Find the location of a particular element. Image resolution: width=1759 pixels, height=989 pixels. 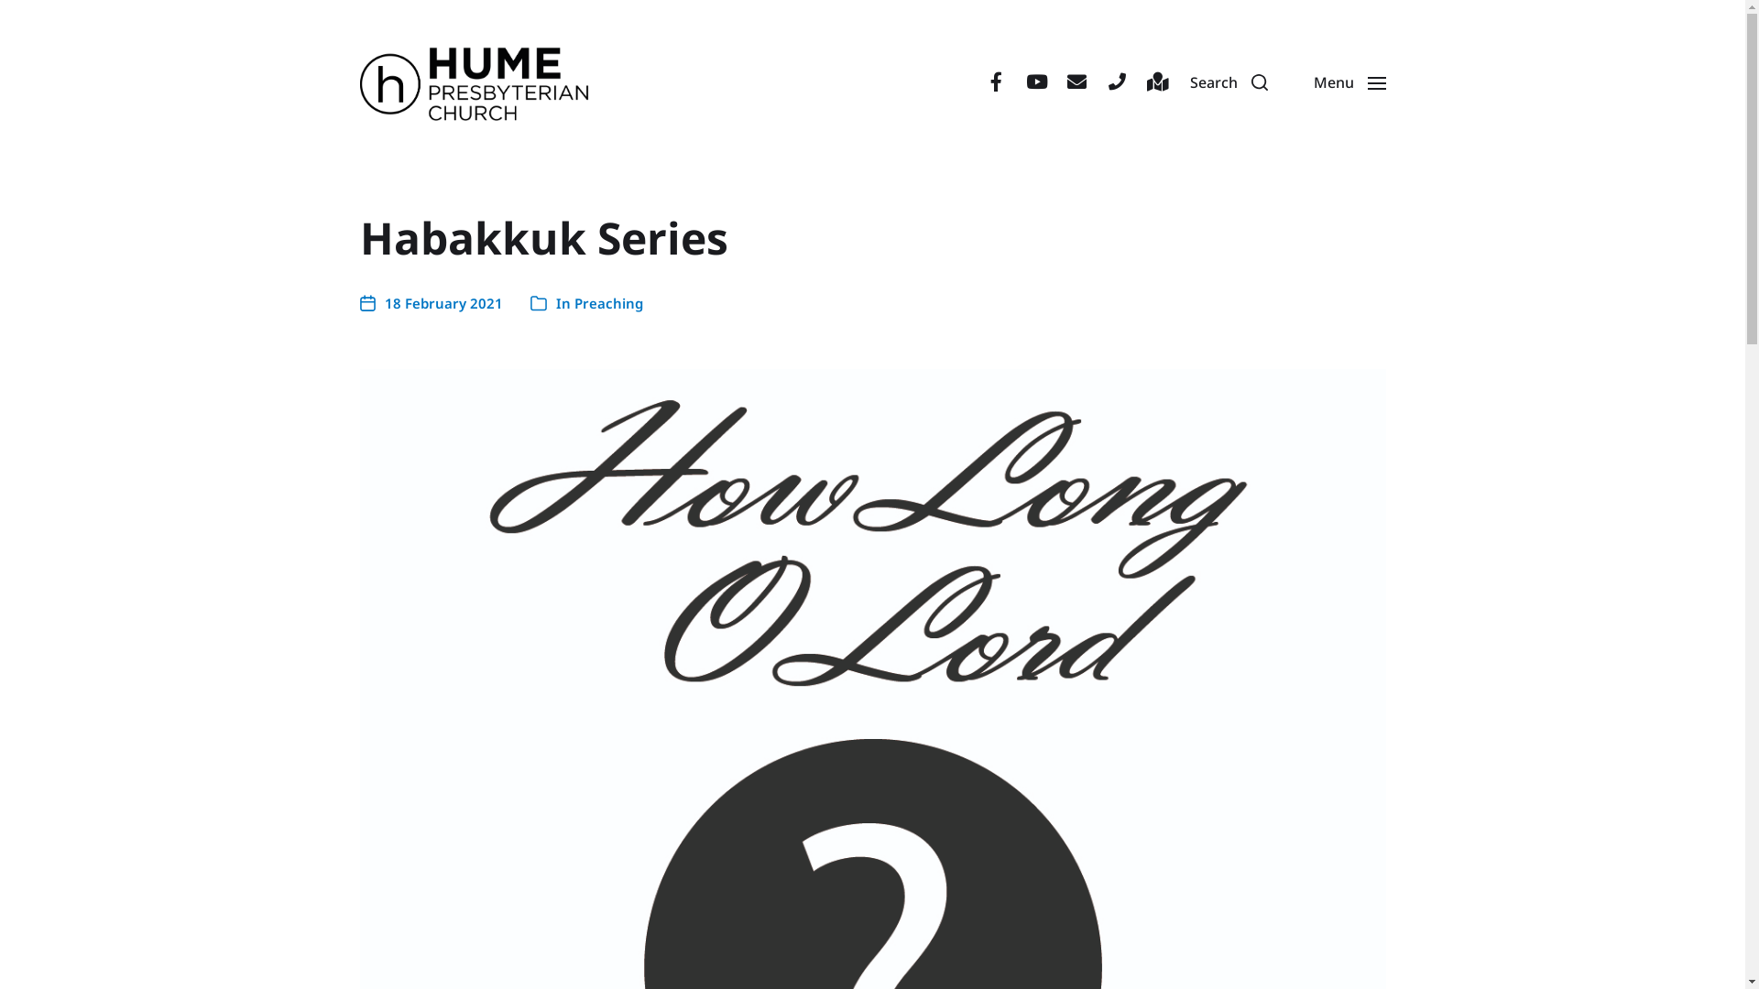

'Search' is located at coordinates (1229, 81).